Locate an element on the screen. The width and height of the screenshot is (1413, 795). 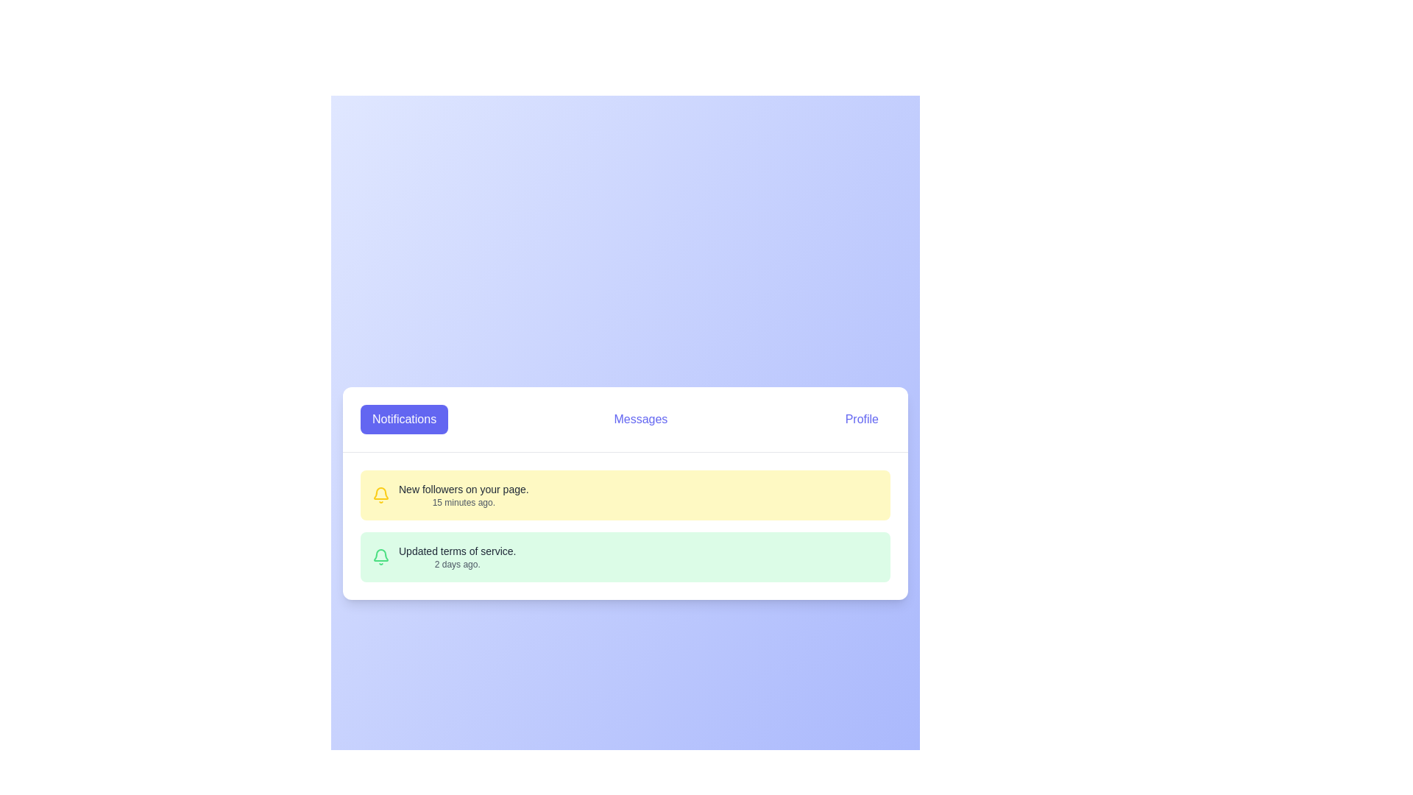
the notifications button, which is the first button from the left in a row of three buttons, to trigger a tooltip or visual change is located at coordinates (404, 419).